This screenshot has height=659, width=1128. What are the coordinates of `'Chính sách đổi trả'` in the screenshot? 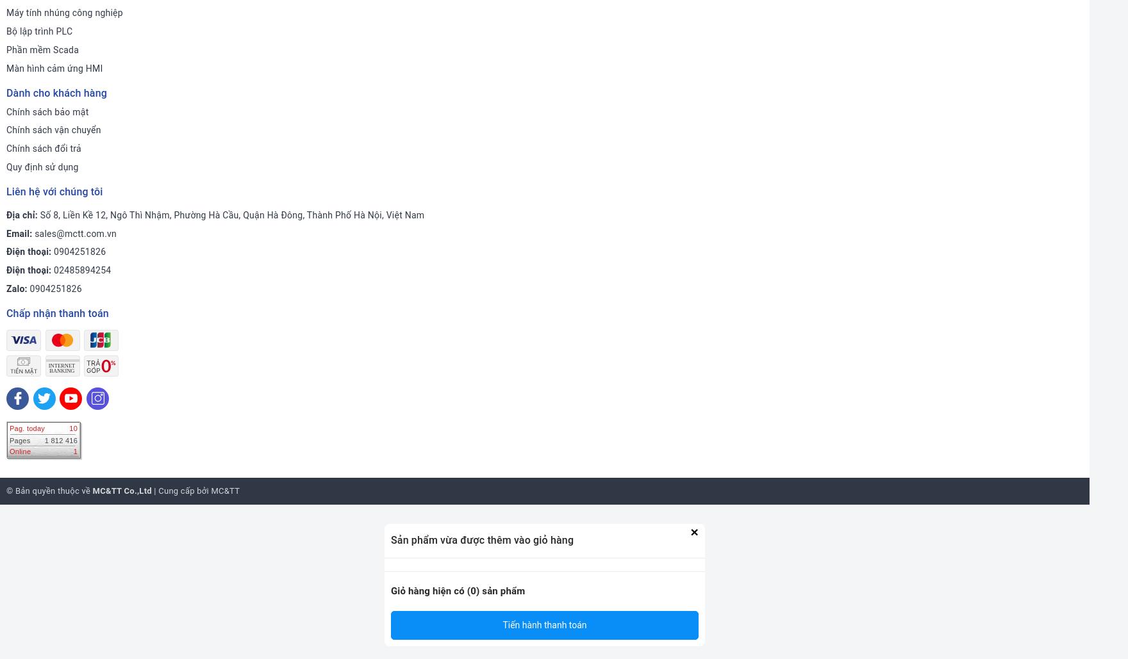 It's located at (43, 148).